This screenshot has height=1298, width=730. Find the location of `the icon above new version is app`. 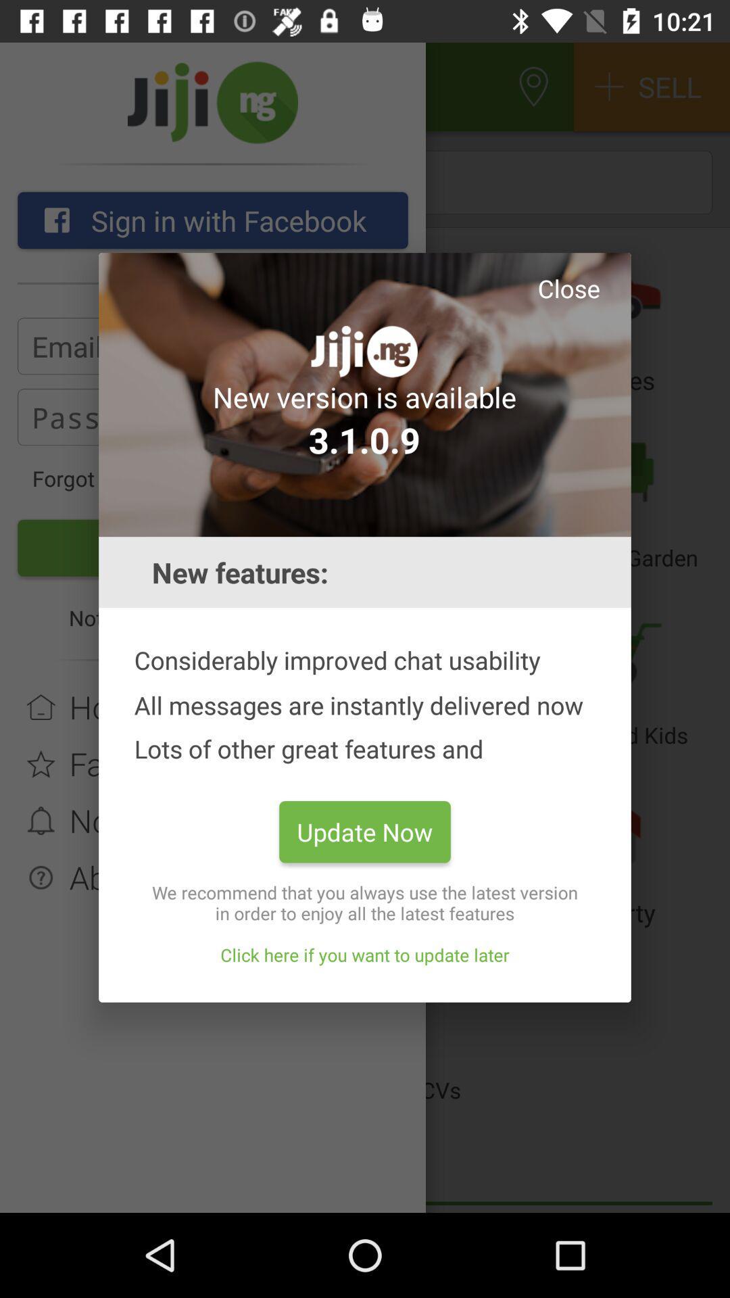

the icon above new version is app is located at coordinates (568, 287).